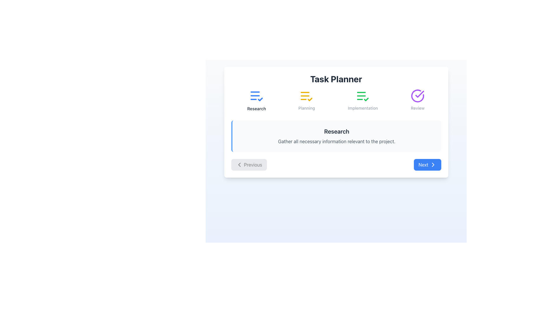 The image size is (560, 315). What do you see at coordinates (362, 100) in the screenshot?
I see `the static label element titled 'Implementation' which is the third element in a horizontal list of four categories in the workflow` at bounding box center [362, 100].